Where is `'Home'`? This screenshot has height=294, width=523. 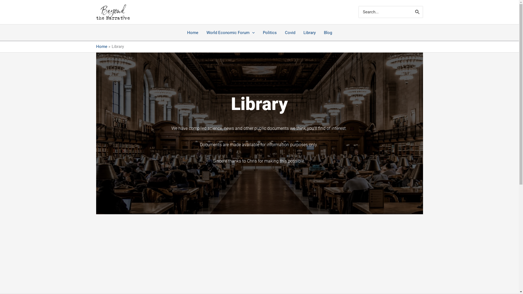 'Home' is located at coordinates (193, 32).